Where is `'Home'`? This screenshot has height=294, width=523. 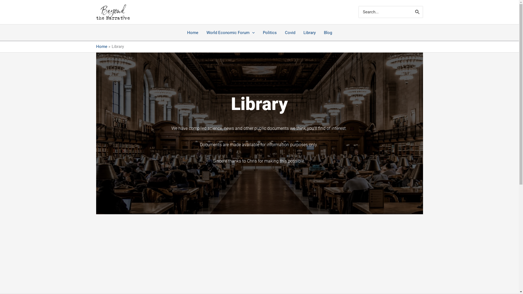 'Home' is located at coordinates (193, 32).